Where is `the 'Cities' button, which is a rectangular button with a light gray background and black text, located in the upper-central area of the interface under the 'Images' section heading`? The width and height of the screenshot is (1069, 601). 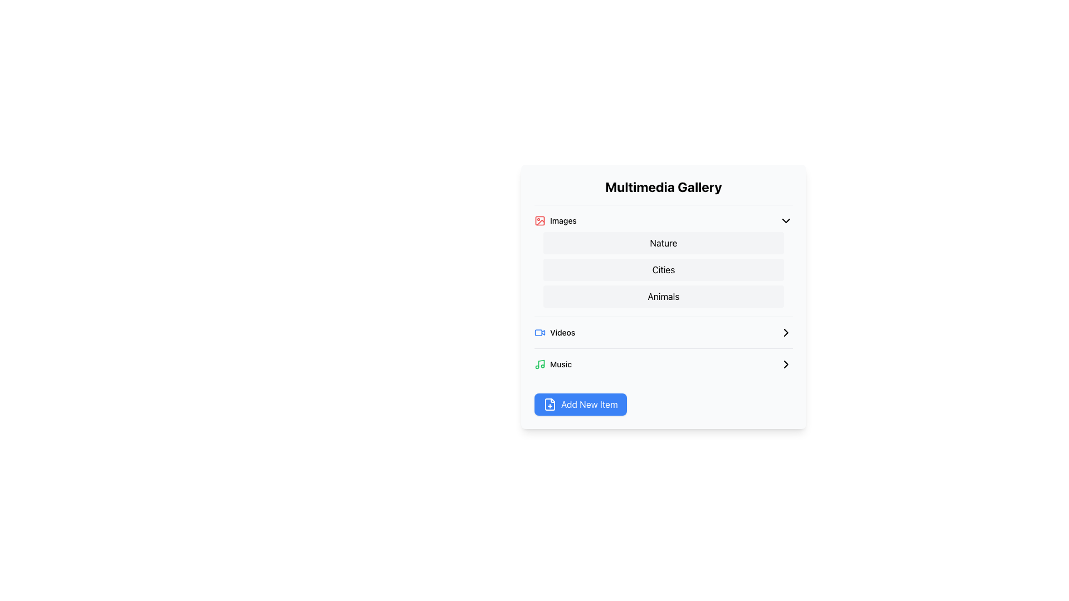 the 'Cities' button, which is a rectangular button with a light gray background and black text, located in the upper-central area of the interface under the 'Images' section heading is located at coordinates (663, 270).